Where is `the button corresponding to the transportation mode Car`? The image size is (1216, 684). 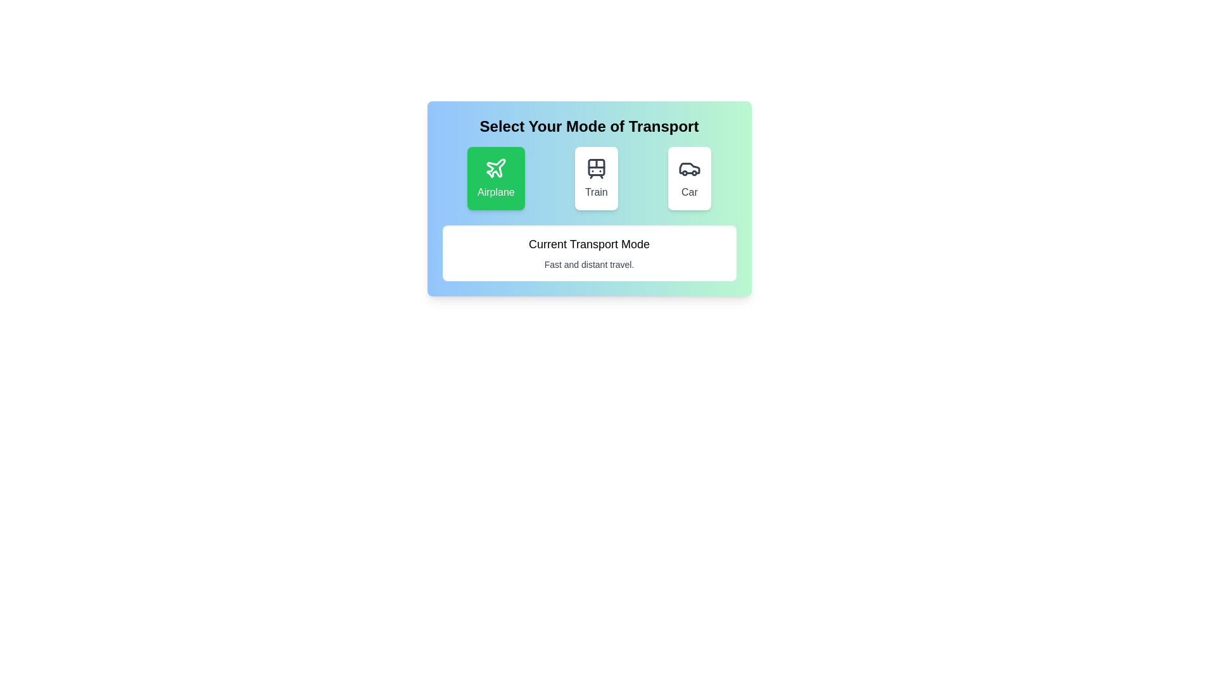
the button corresponding to the transportation mode Car is located at coordinates (688, 178).